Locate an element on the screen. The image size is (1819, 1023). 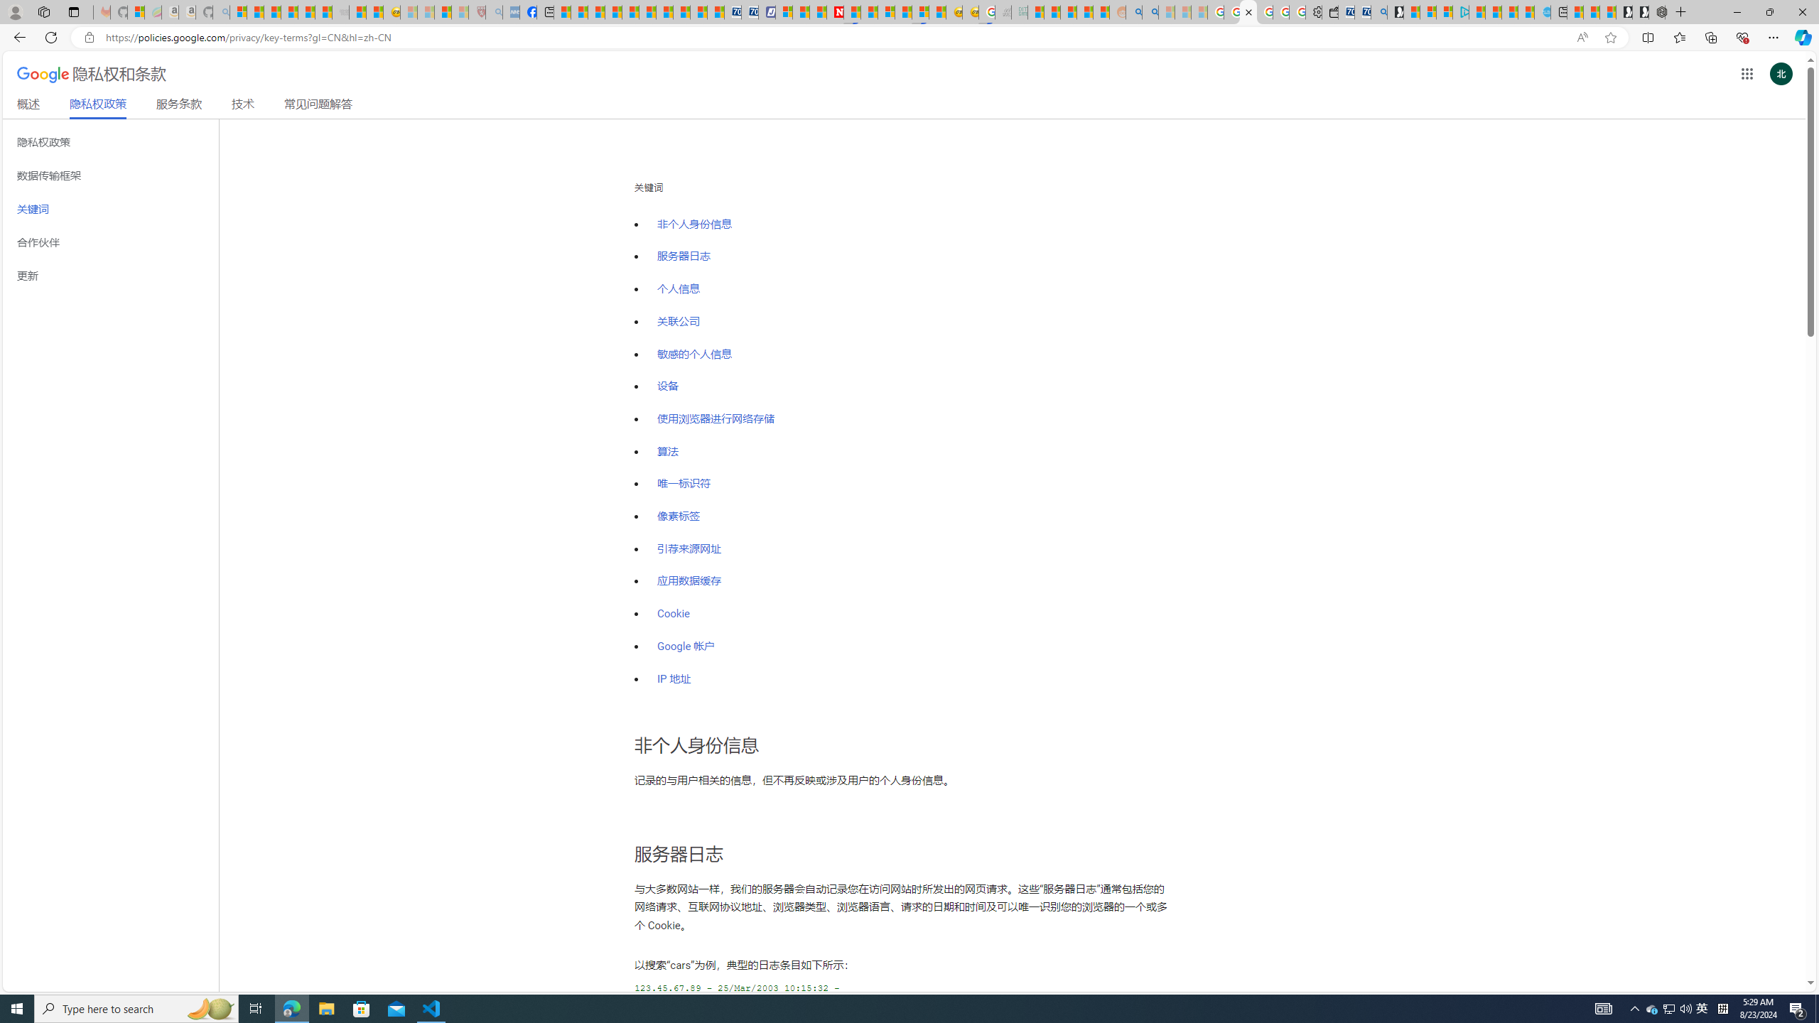
'Wallet' is located at coordinates (1329, 11).